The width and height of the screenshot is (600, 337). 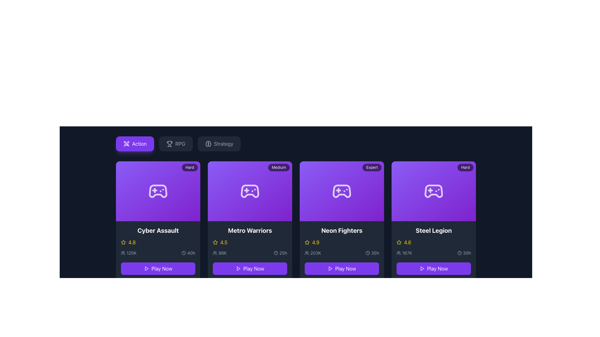 What do you see at coordinates (433, 191) in the screenshot?
I see `the gaming feature icon located in the fourth card from the left, identified as 'Steel Legion', within the grid layout of game cards` at bounding box center [433, 191].